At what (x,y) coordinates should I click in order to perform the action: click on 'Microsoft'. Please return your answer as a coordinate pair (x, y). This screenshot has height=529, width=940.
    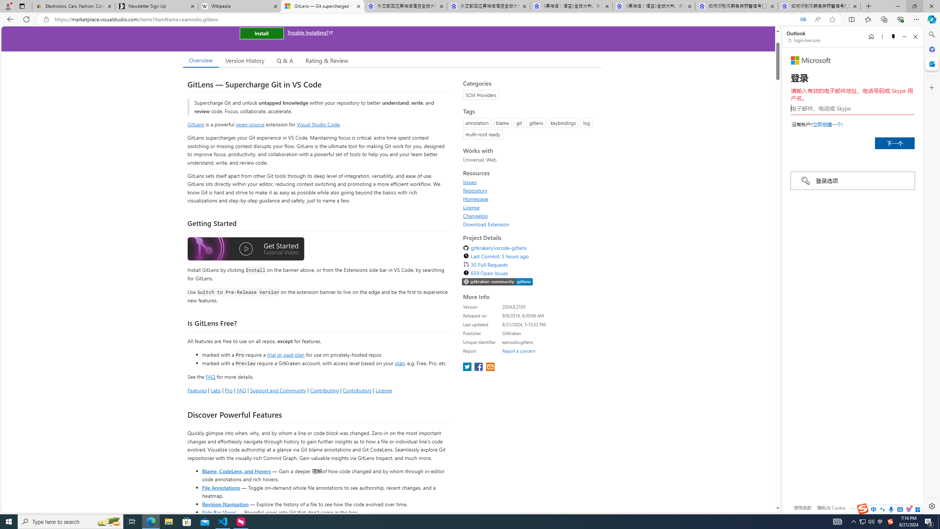
    Looking at the image, I should click on (811, 60).